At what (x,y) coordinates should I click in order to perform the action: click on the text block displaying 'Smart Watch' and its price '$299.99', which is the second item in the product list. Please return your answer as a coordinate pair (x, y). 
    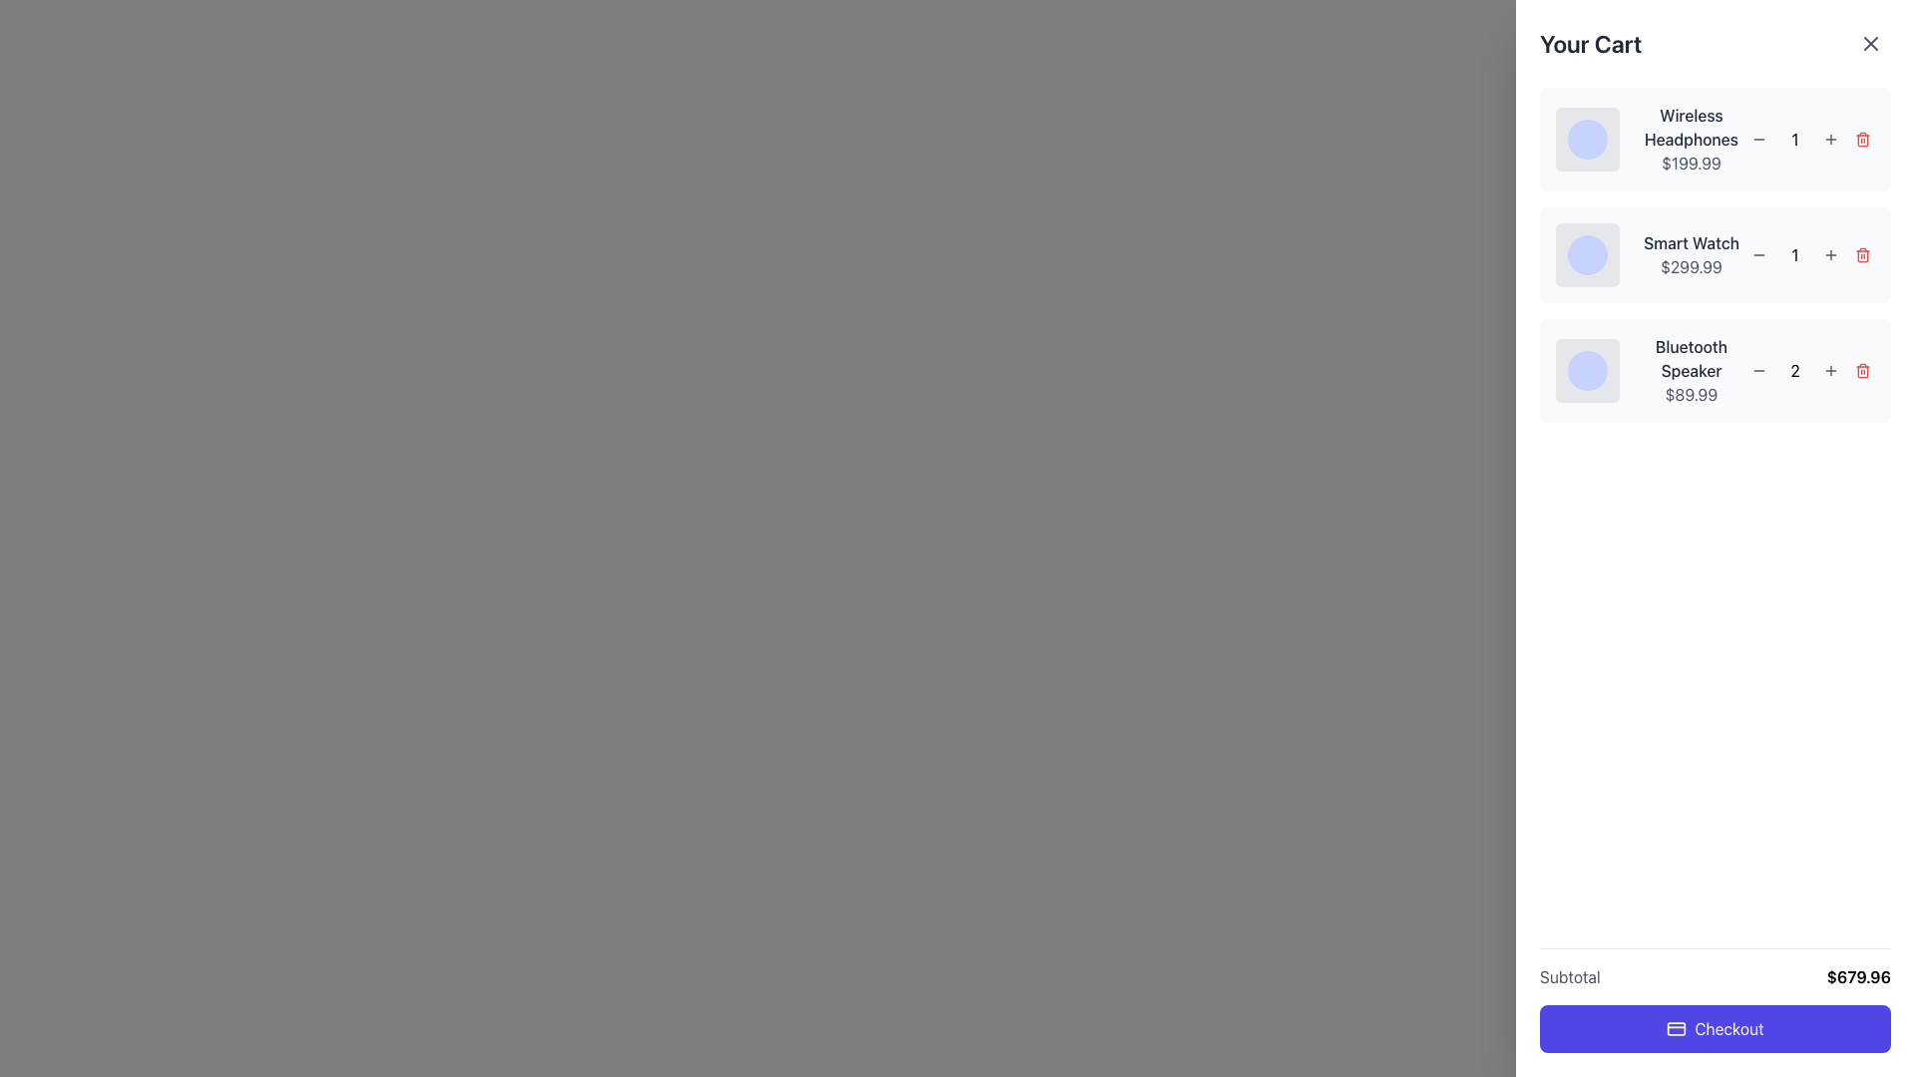
    Looking at the image, I should click on (1690, 253).